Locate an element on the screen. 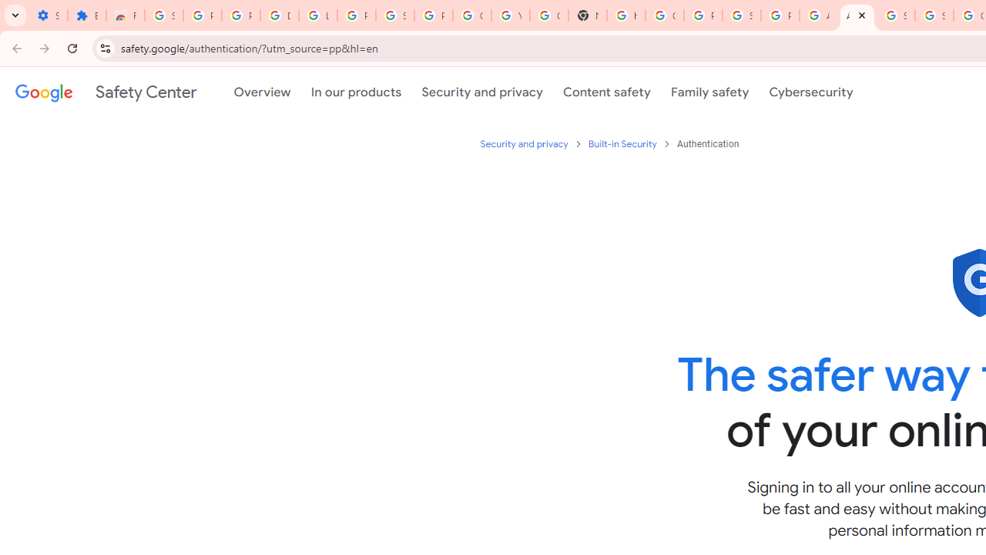 This screenshot has height=555, width=986. 'Reviews: Helix Fruit Jump Arcade Game' is located at coordinates (126, 15).